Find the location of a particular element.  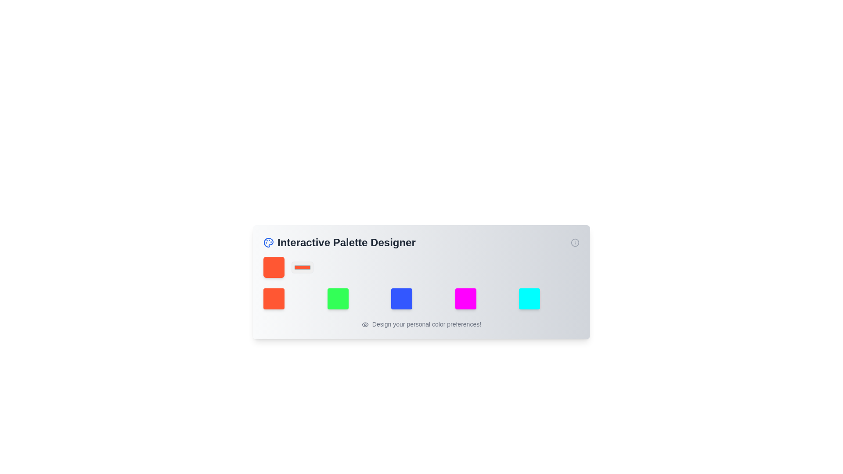

the fifth button in the horizontal grid located at the bottom-right section of the interface to interact is located at coordinates (529, 298).